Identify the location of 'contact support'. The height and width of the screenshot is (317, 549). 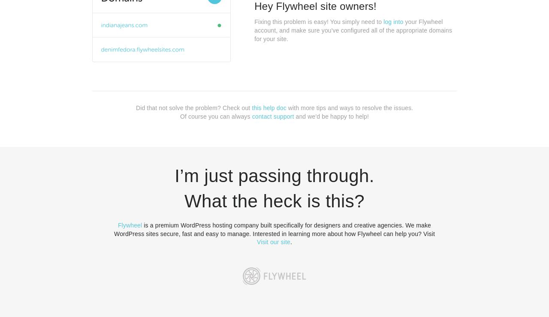
(272, 115).